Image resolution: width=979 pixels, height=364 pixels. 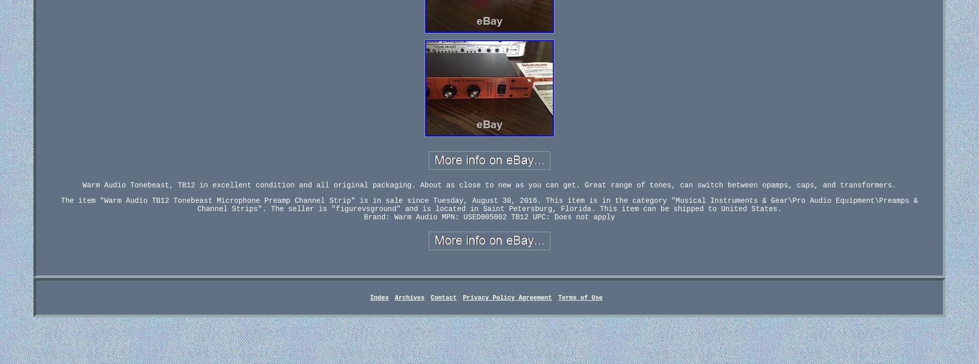 What do you see at coordinates (573, 217) in the screenshot?
I see `'UPC: Does not apply'` at bounding box center [573, 217].